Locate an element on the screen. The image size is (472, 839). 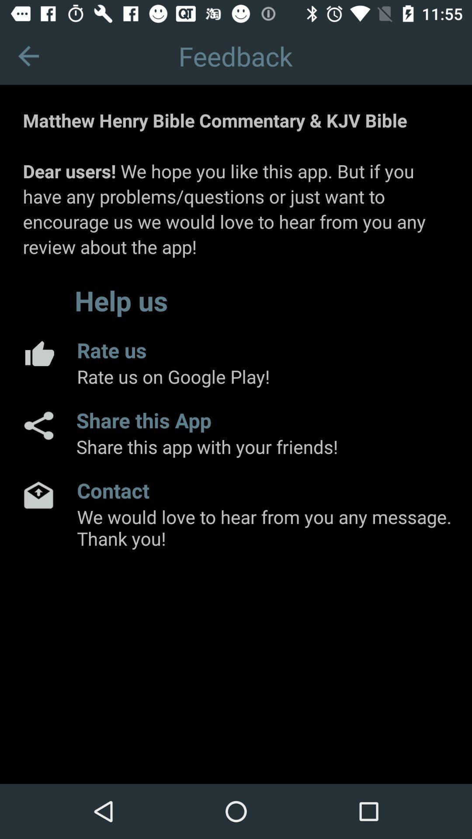
app next to contact is located at coordinates (38, 495).